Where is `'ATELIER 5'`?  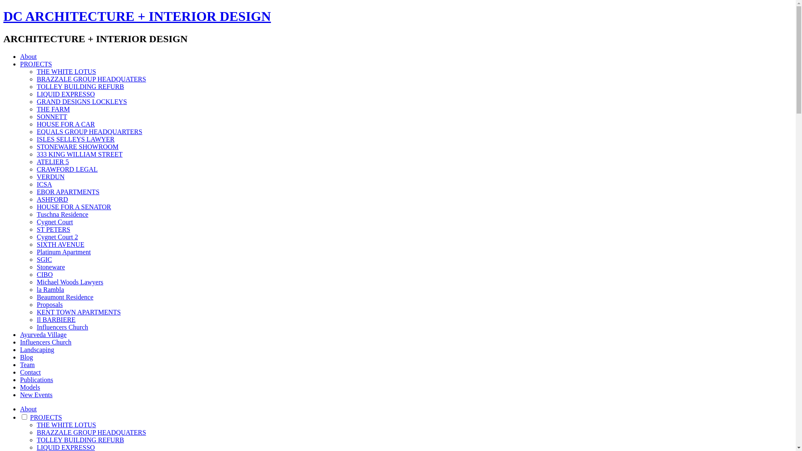
'ATELIER 5' is located at coordinates (52, 162).